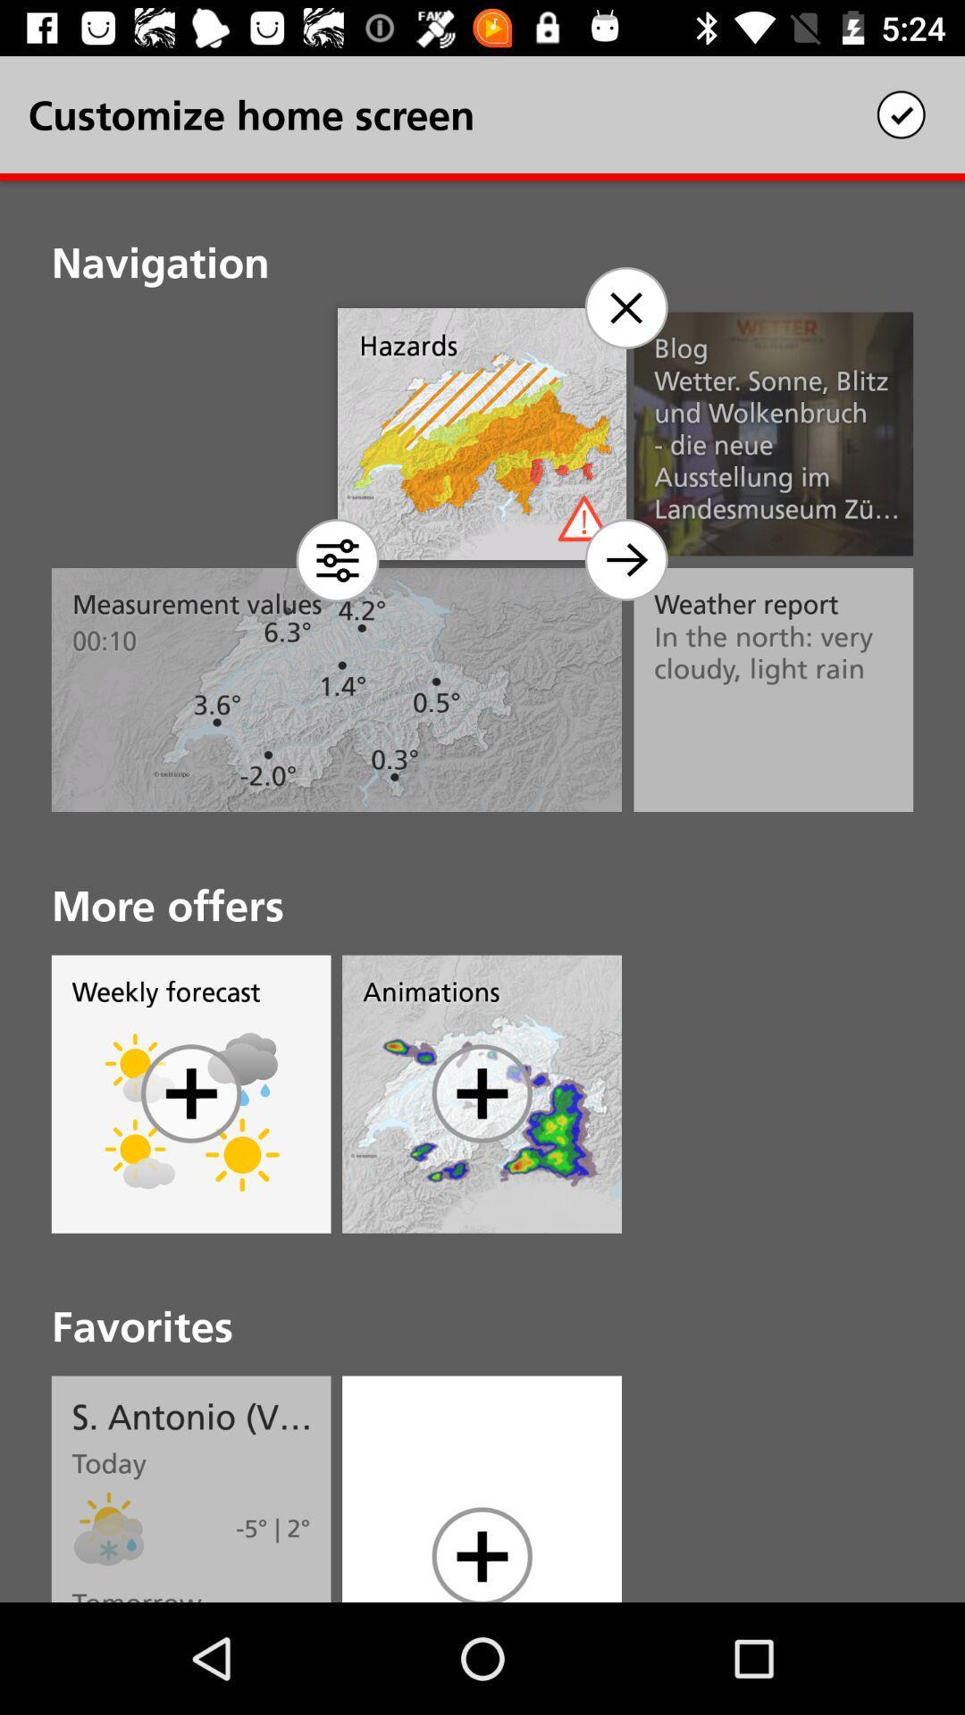 The image size is (965, 1715). Describe the element at coordinates (625, 559) in the screenshot. I see `the arrow_forward icon` at that location.